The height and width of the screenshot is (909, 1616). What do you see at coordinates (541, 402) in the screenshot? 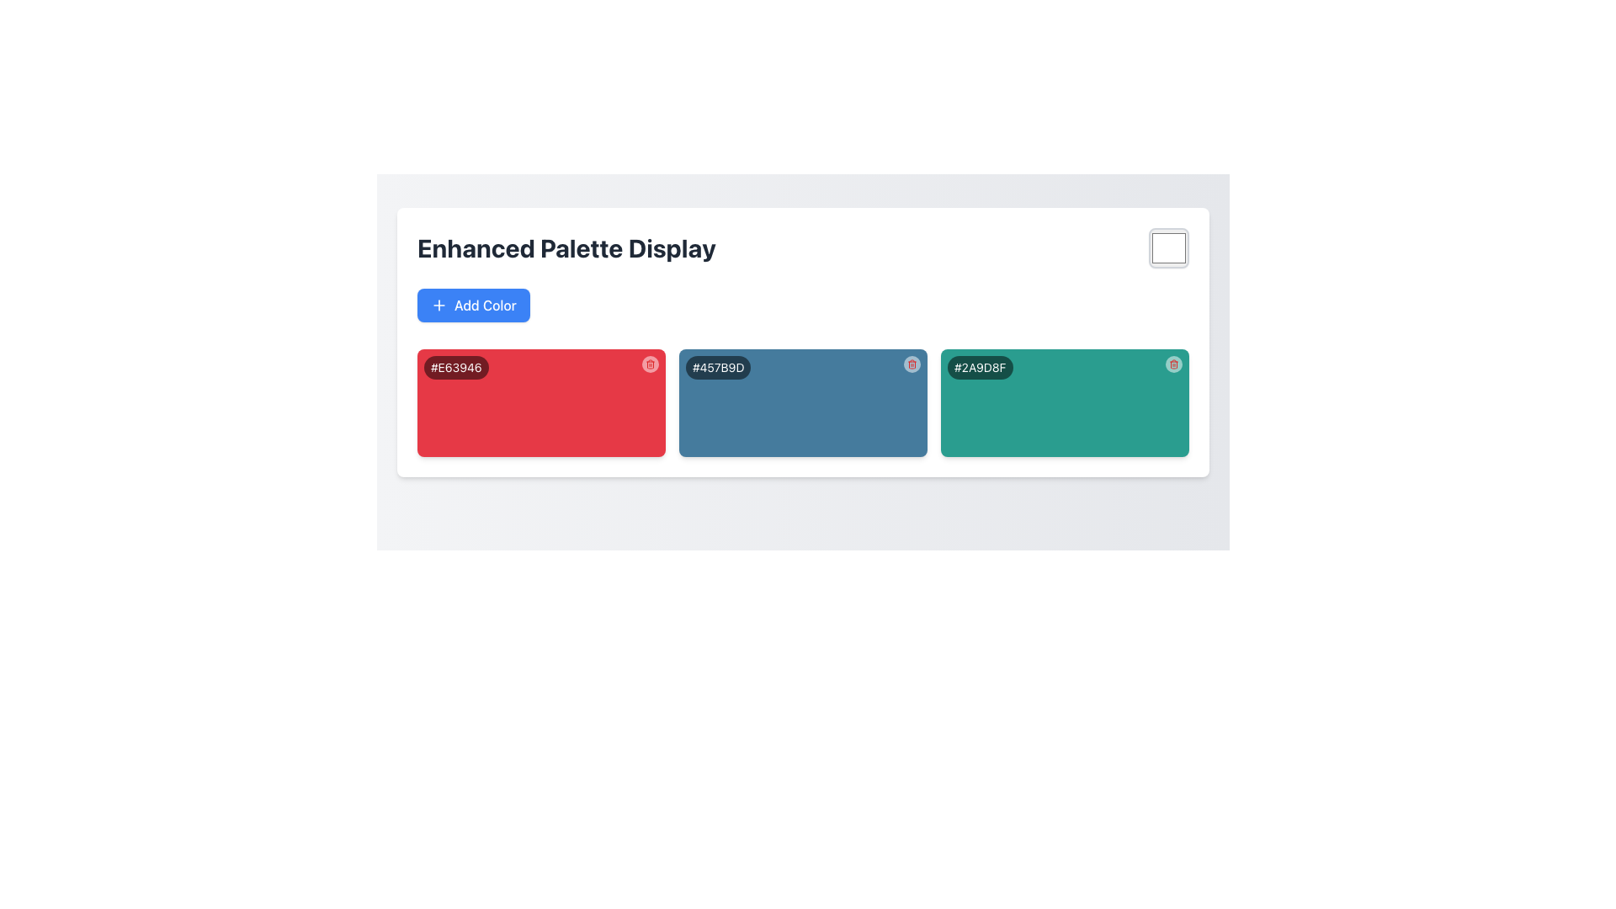
I see `the Color palette display rectangle with a red background and label '#E63946'` at bounding box center [541, 402].